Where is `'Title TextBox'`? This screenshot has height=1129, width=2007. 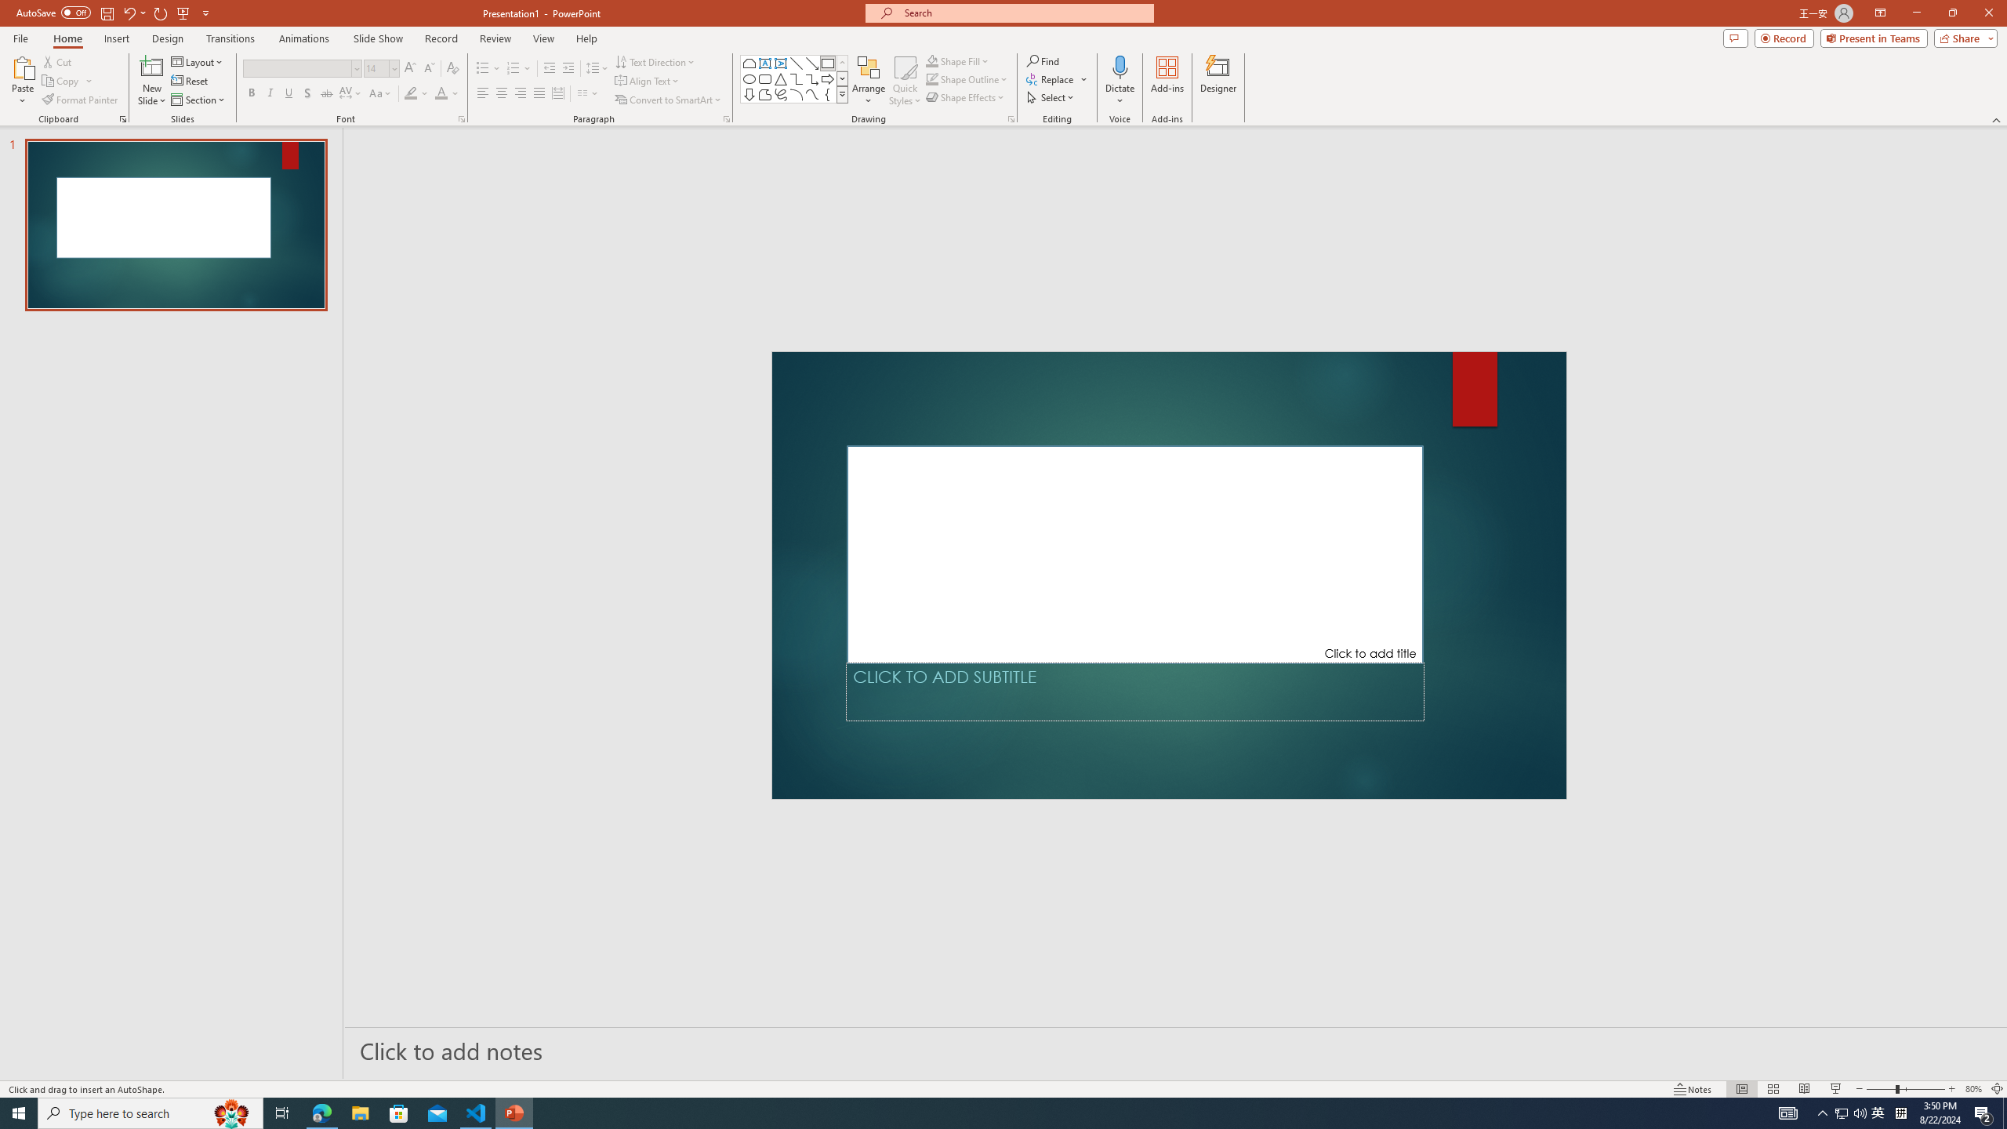 'Title TextBox' is located at coordinates (1134, 554).